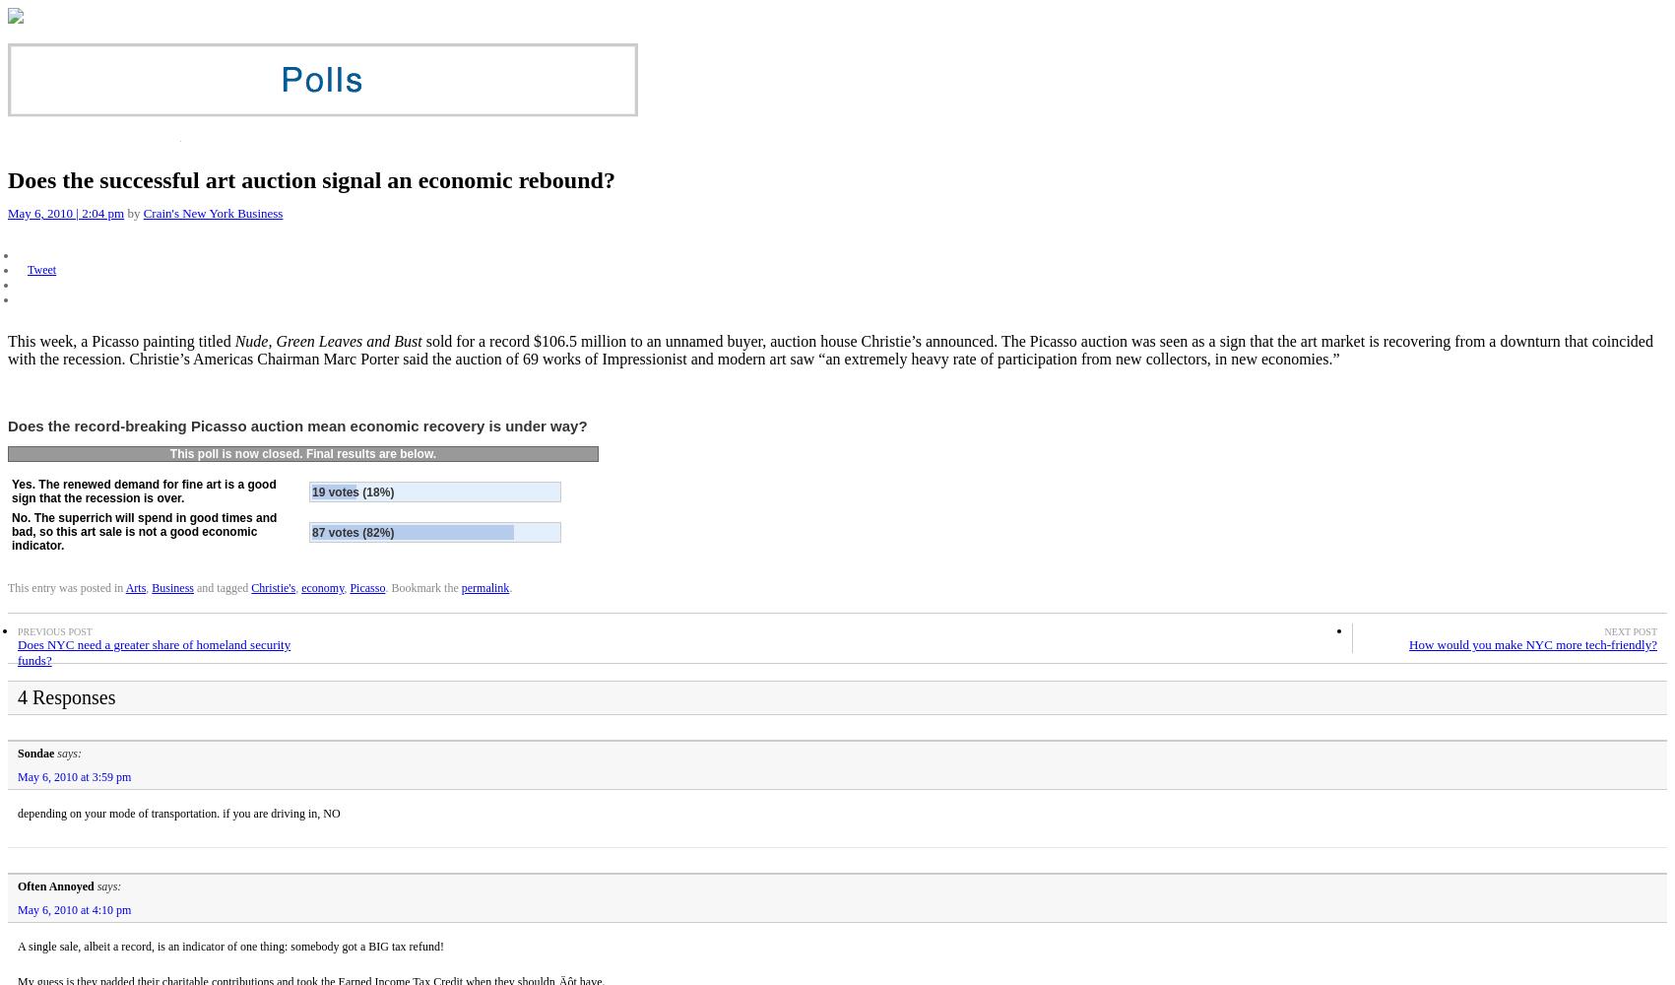 This screenshot has height=985, width=1675. Describe the element at coordinates (177, 812) in the screenshot. I see `'depending on your mode of transportation. if you are driving in, NO'` at that location.